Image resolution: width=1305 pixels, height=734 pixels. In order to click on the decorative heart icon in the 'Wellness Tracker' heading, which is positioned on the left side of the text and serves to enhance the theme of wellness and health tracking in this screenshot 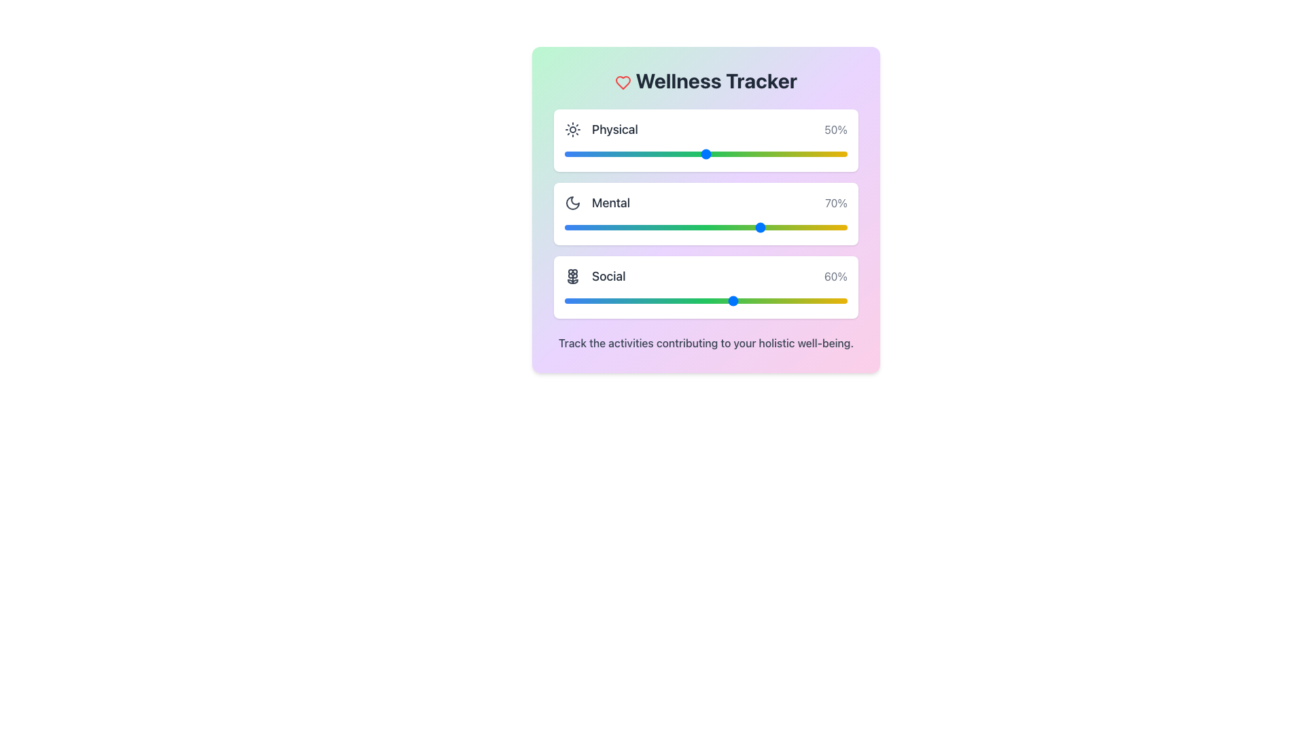, I will do `click(622, 83)`.